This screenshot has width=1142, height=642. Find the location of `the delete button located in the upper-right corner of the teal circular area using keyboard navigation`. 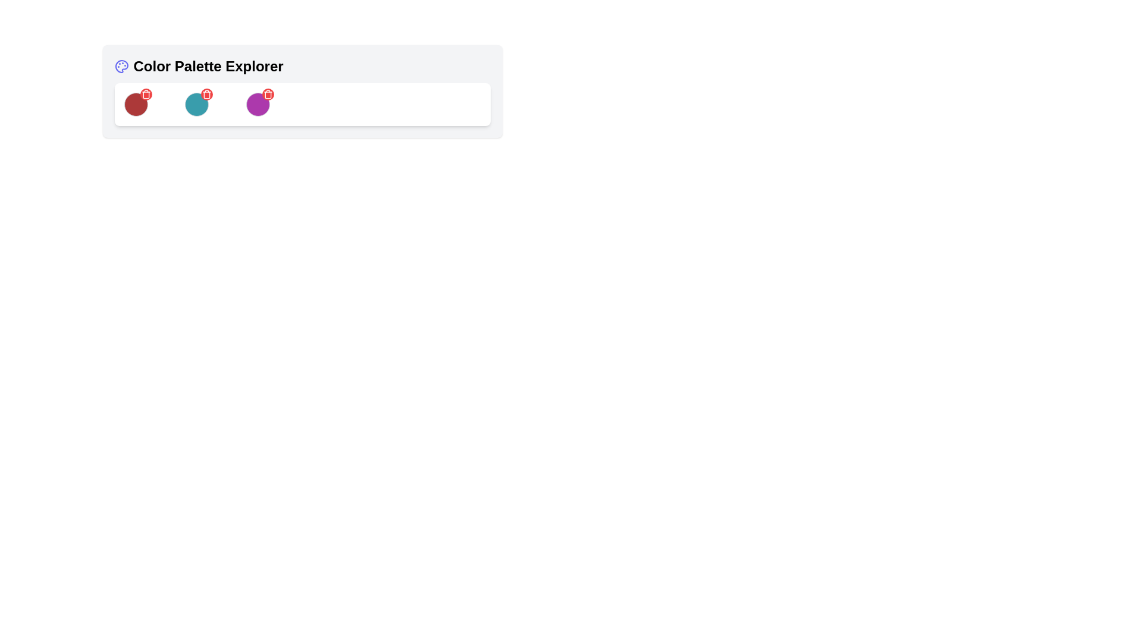

the delete button located in the upper-right corner of the teal circular area using keyboard navigation is located at coordinates (207, 93).